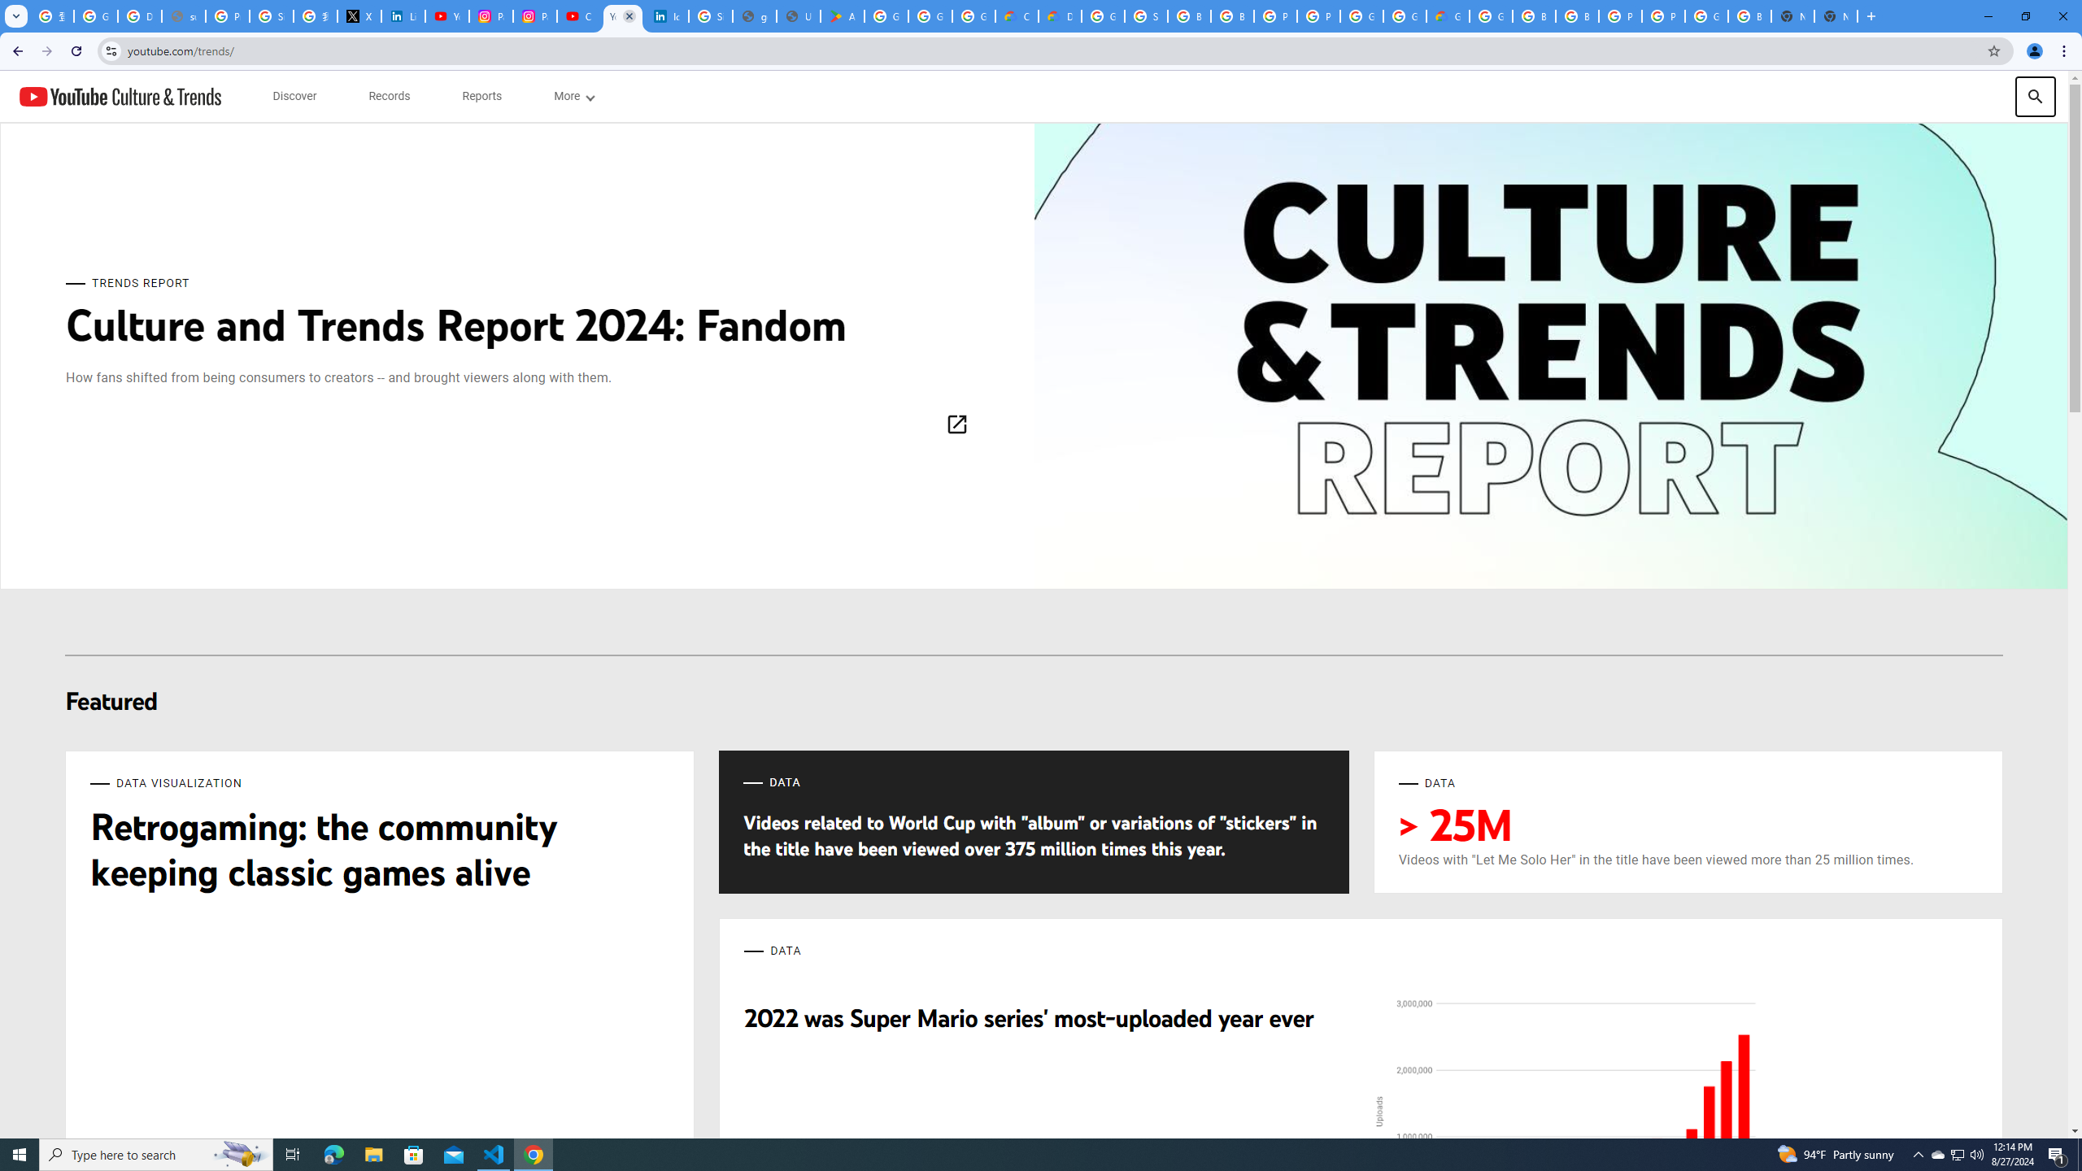 The image size is (2082, 1171). What do you see at coordinates (1836, 15) in the screenshot?
I see `'New Tab'` at bounding box center [1836, 15].